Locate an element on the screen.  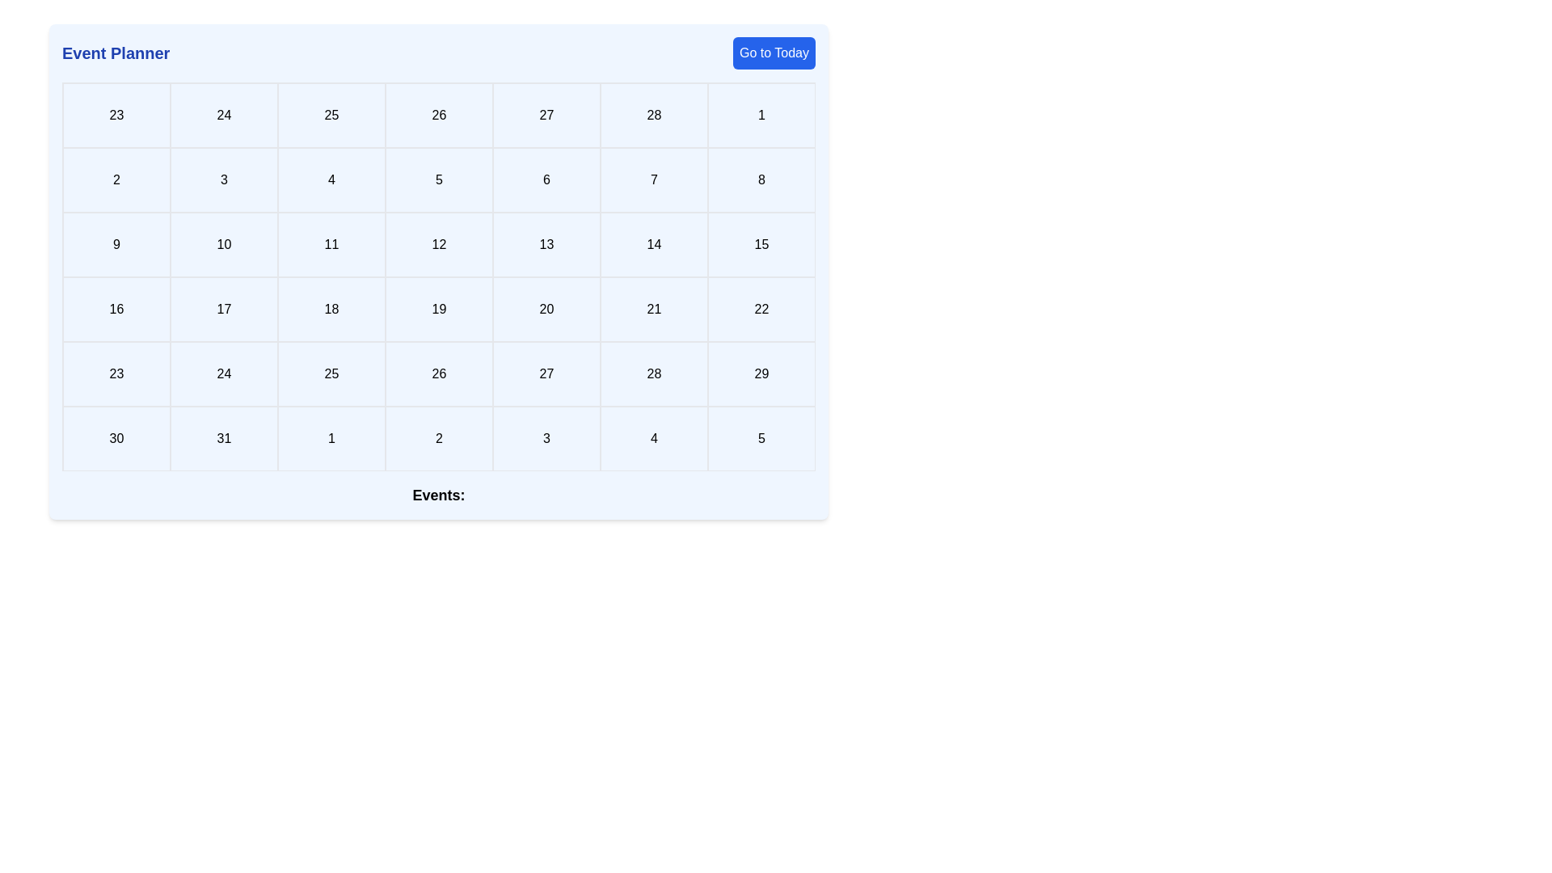
the calendar grid cell containing the text '11' is located at coordinates (331, 245).